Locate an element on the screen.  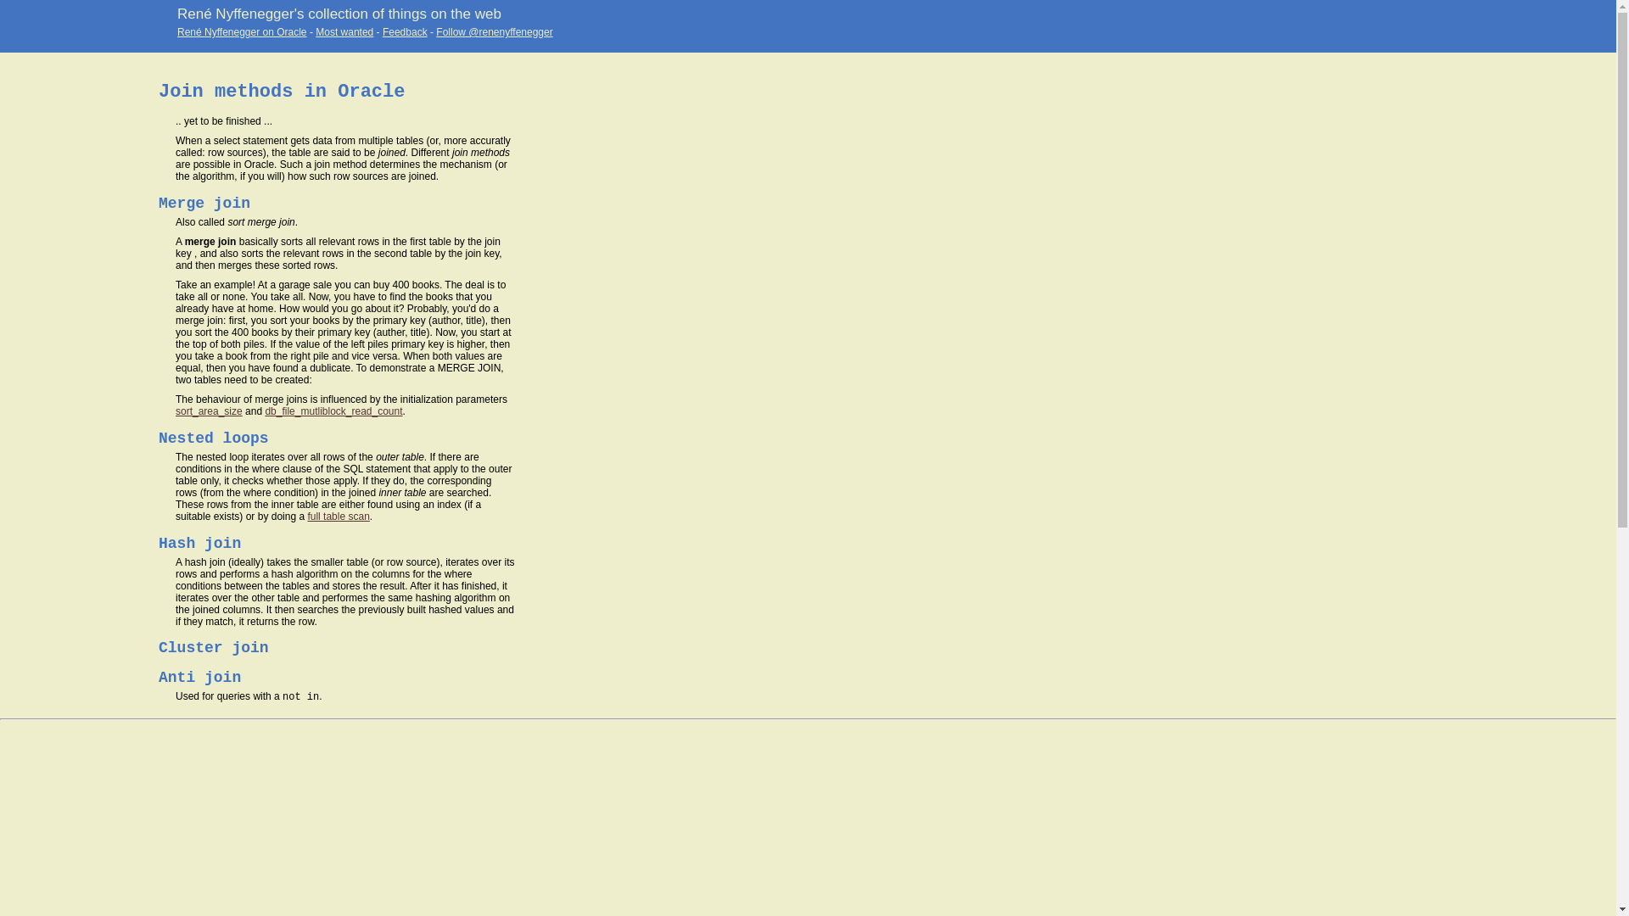
'Feedback' is located at coordinates (404, 32).